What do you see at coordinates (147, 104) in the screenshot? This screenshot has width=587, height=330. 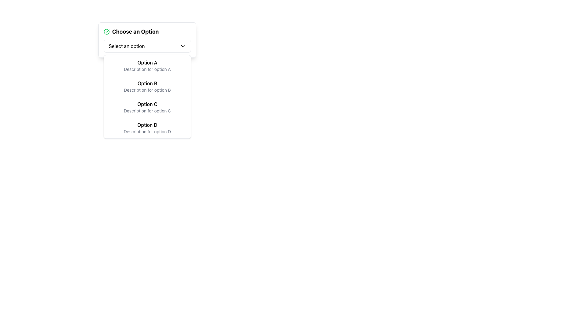 I see `the text label reading 'Option C', which is displayed in bold font and positioned in the top-center region of its dropdown menu, above a descriptive text` at bounding box center [147, 104].